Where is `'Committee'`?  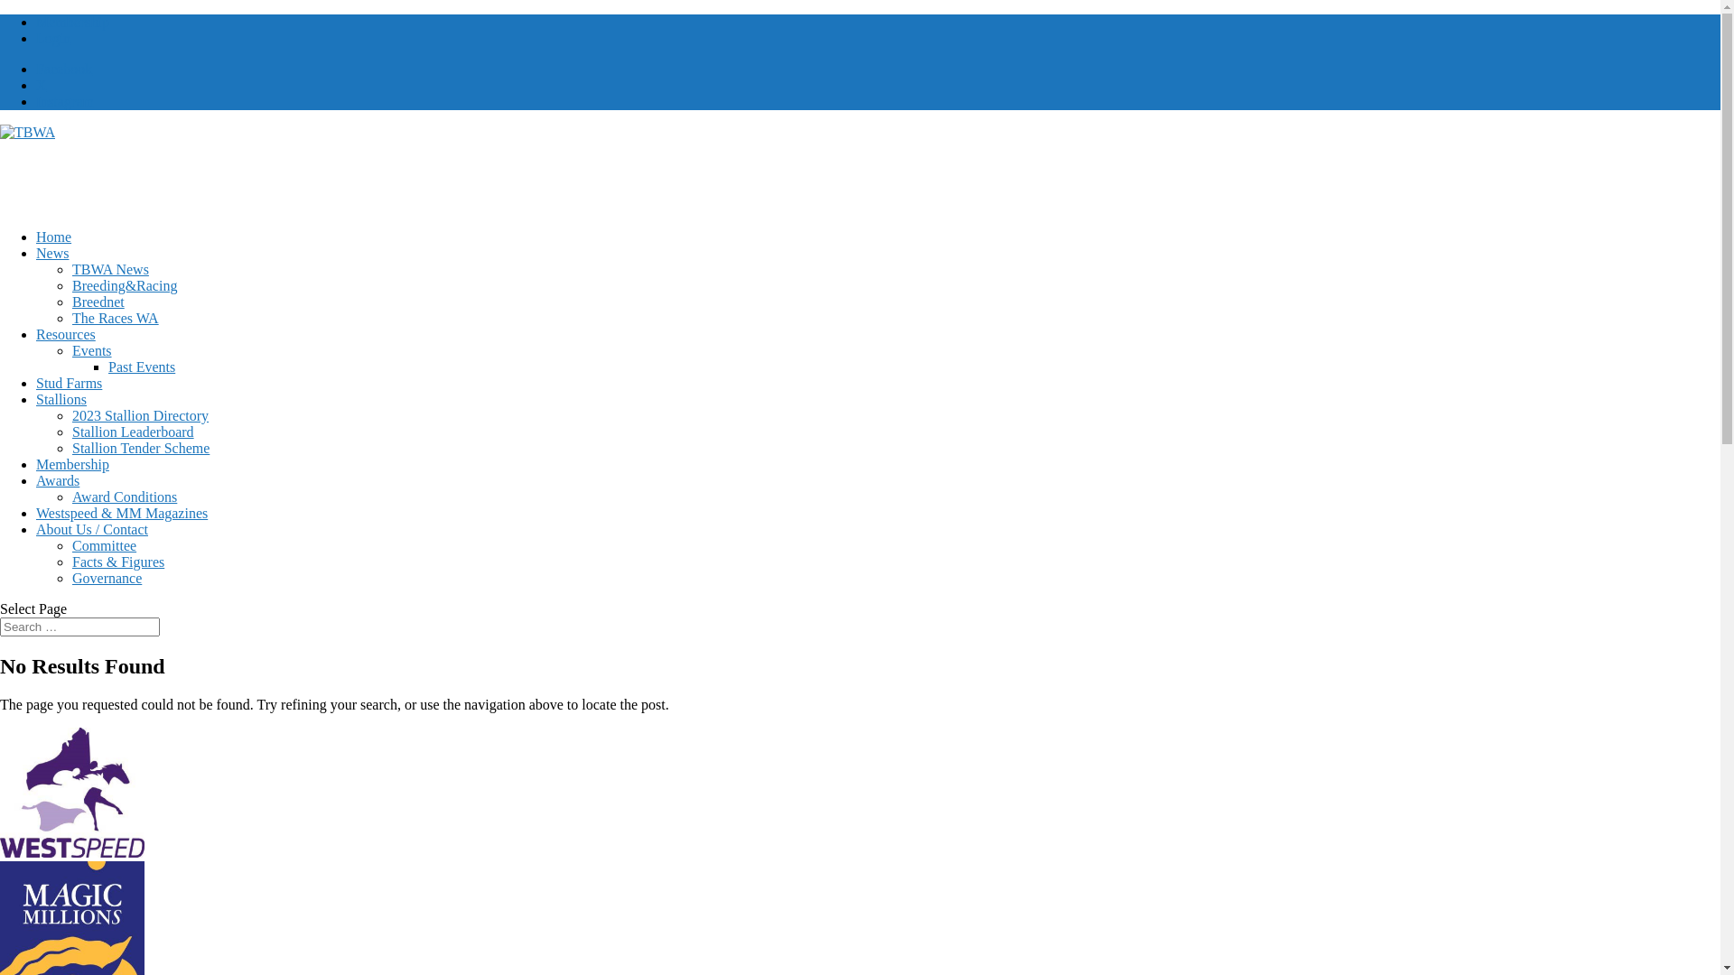 'Committee' is located at coordinates (103, 544).